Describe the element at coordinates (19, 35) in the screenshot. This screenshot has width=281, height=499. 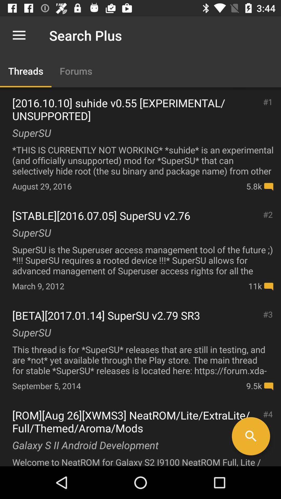
I see `icon above the threads item` at that location.